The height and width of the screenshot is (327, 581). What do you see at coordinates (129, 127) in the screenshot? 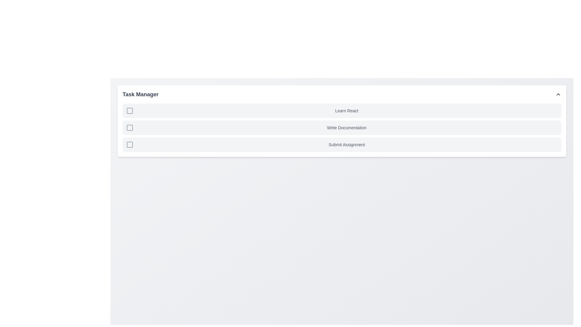
I see `the checkbox for task Write Documentation` at bounding box center [129, 127].